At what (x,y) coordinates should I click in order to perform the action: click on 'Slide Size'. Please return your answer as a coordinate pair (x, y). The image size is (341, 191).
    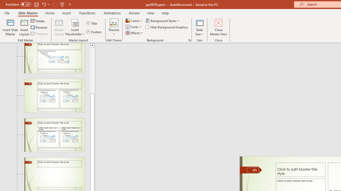
    Looking at the image, I should click on (199, 27).